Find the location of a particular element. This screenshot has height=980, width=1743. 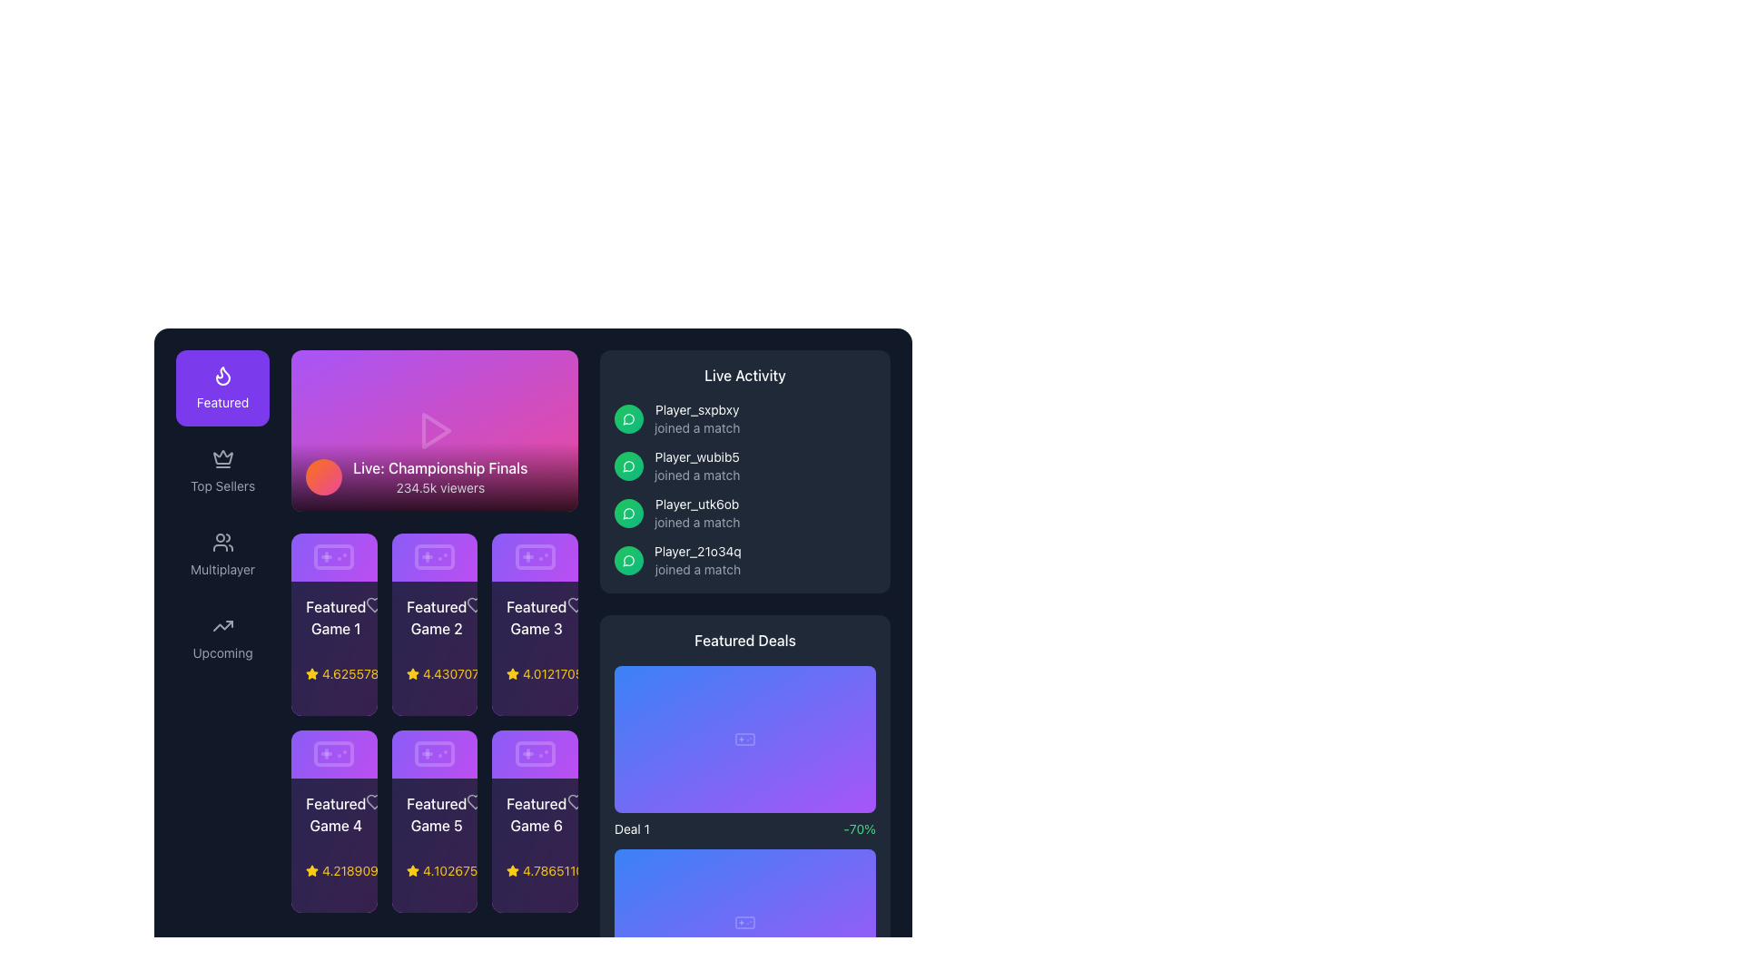

the Text label displaying the number of users currently online for the 'Featured Game 2' card, which is positioned farthest to the right among its siblings at the bottom of the card is located at coordinates (472, 673).